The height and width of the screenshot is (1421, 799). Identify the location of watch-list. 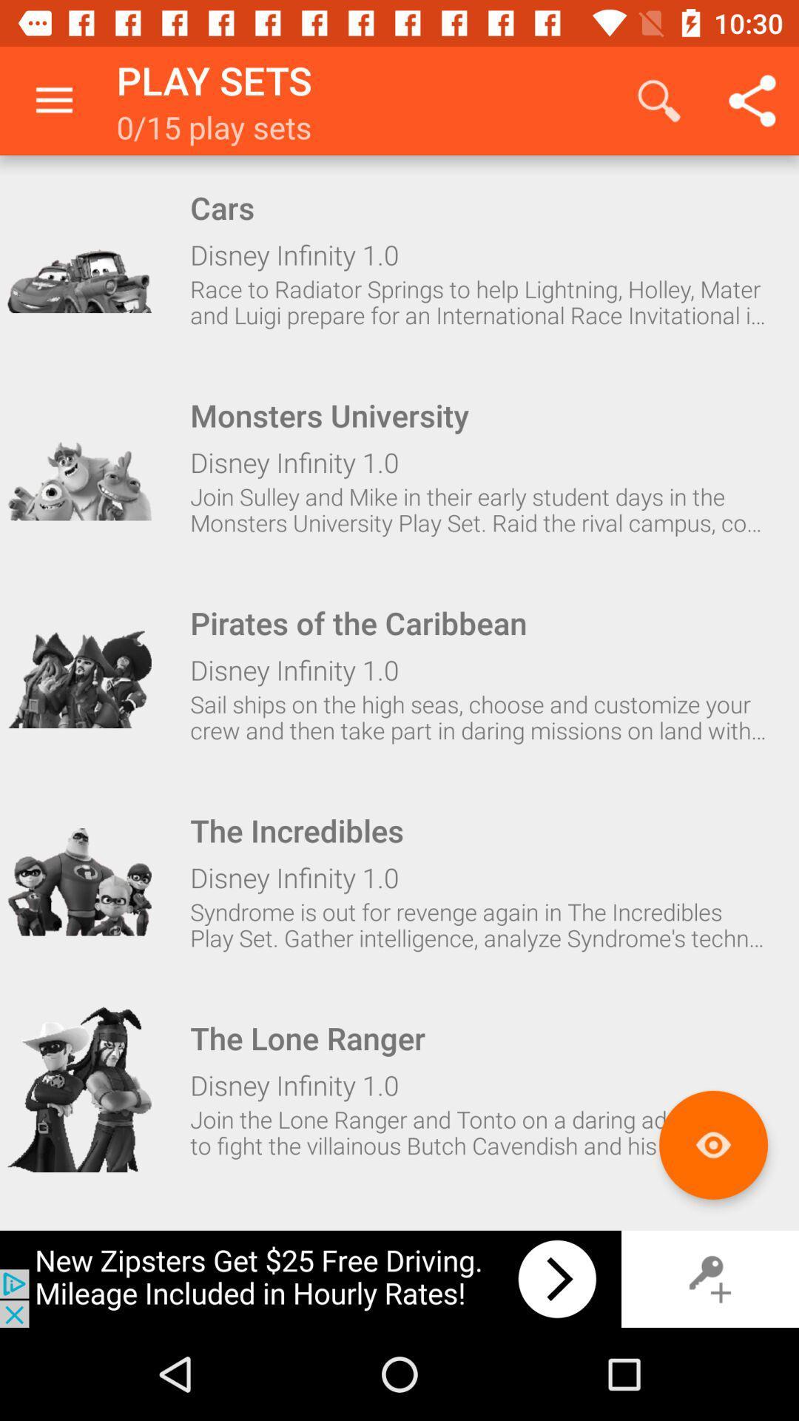
(712, 1144).